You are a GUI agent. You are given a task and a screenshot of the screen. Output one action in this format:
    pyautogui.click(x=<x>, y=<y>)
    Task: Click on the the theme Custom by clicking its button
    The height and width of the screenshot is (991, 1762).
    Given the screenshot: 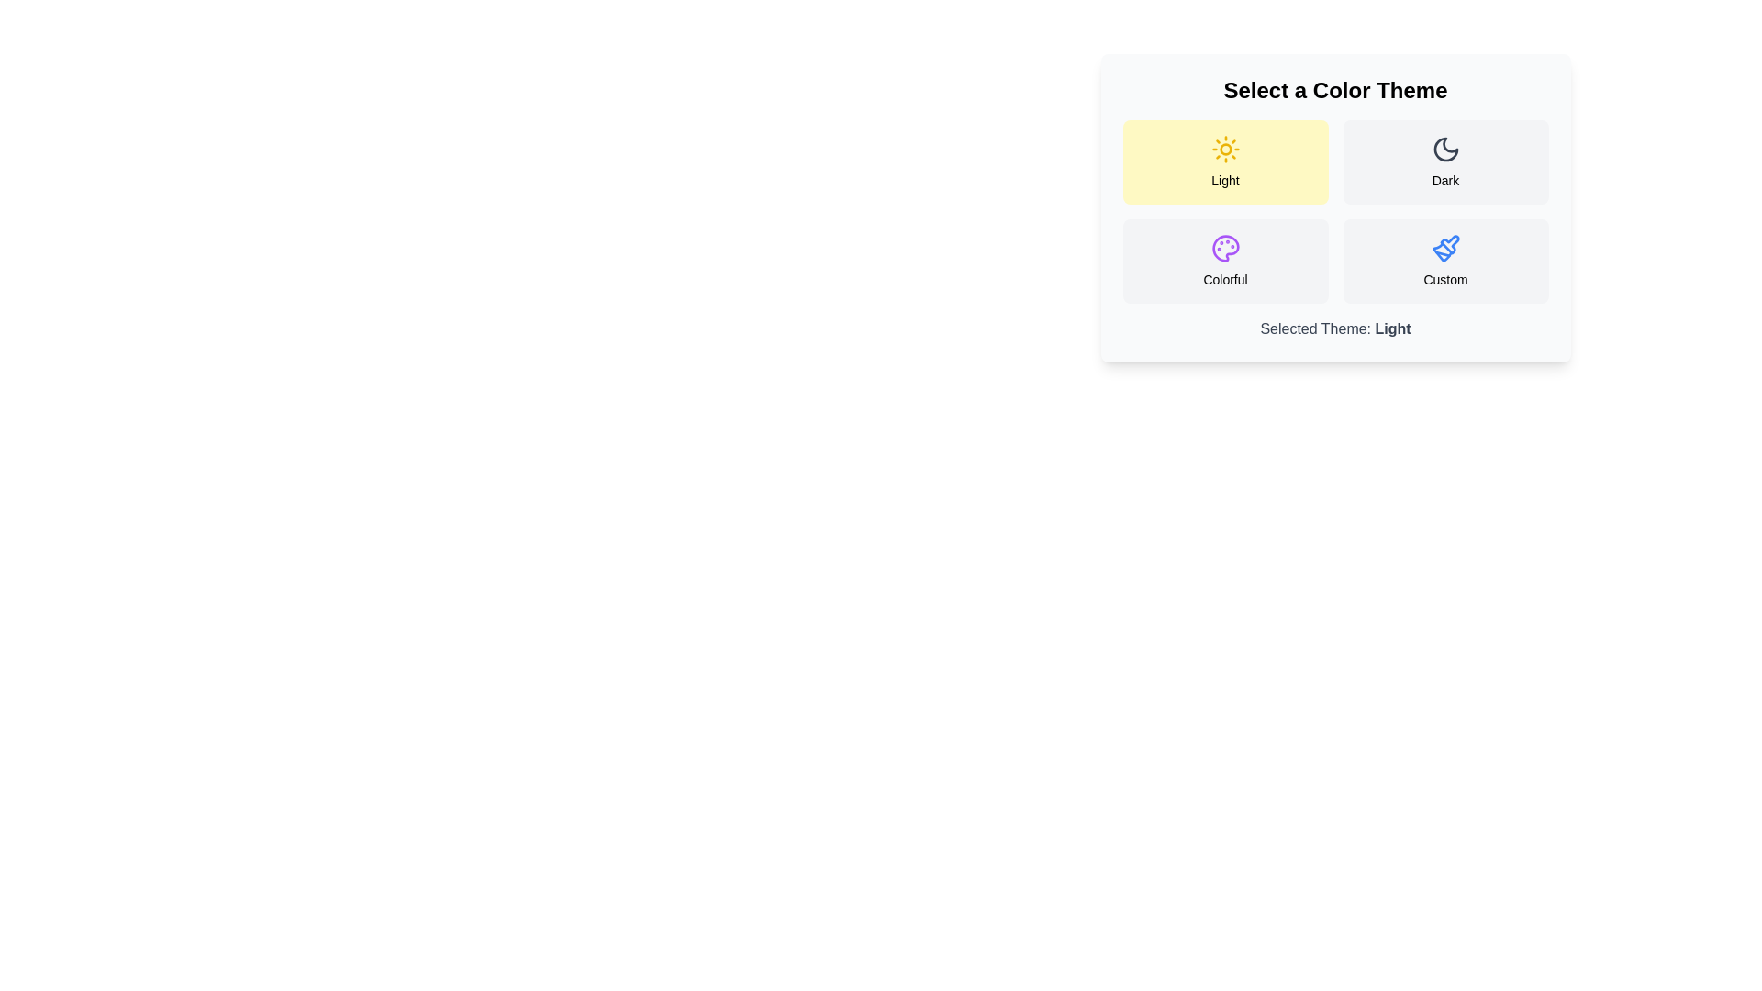 What is the action you would take?
    pyautogui.click(x=1444, y=262)
    